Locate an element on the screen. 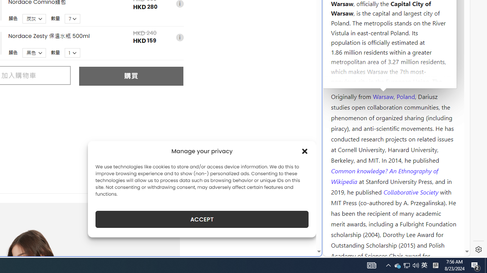 The height and width of the screenshot is (273, 487). 'Kozminski University' is located at coordinates (393, 51).